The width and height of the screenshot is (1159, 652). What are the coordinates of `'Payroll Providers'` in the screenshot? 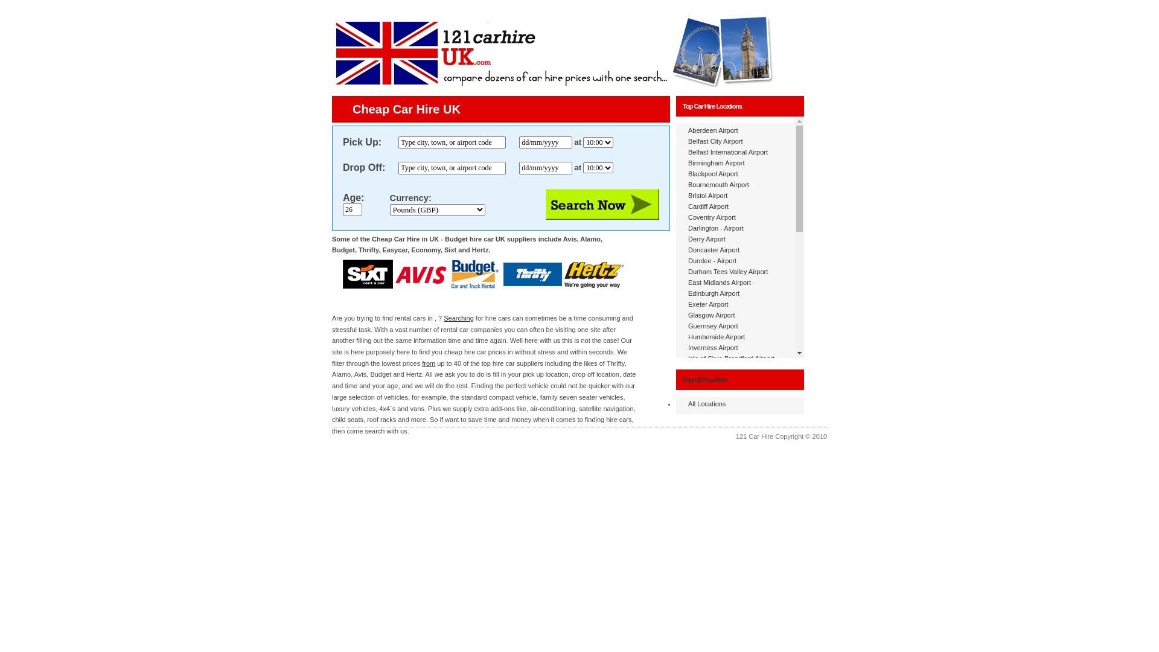 It's located at (683, 379).